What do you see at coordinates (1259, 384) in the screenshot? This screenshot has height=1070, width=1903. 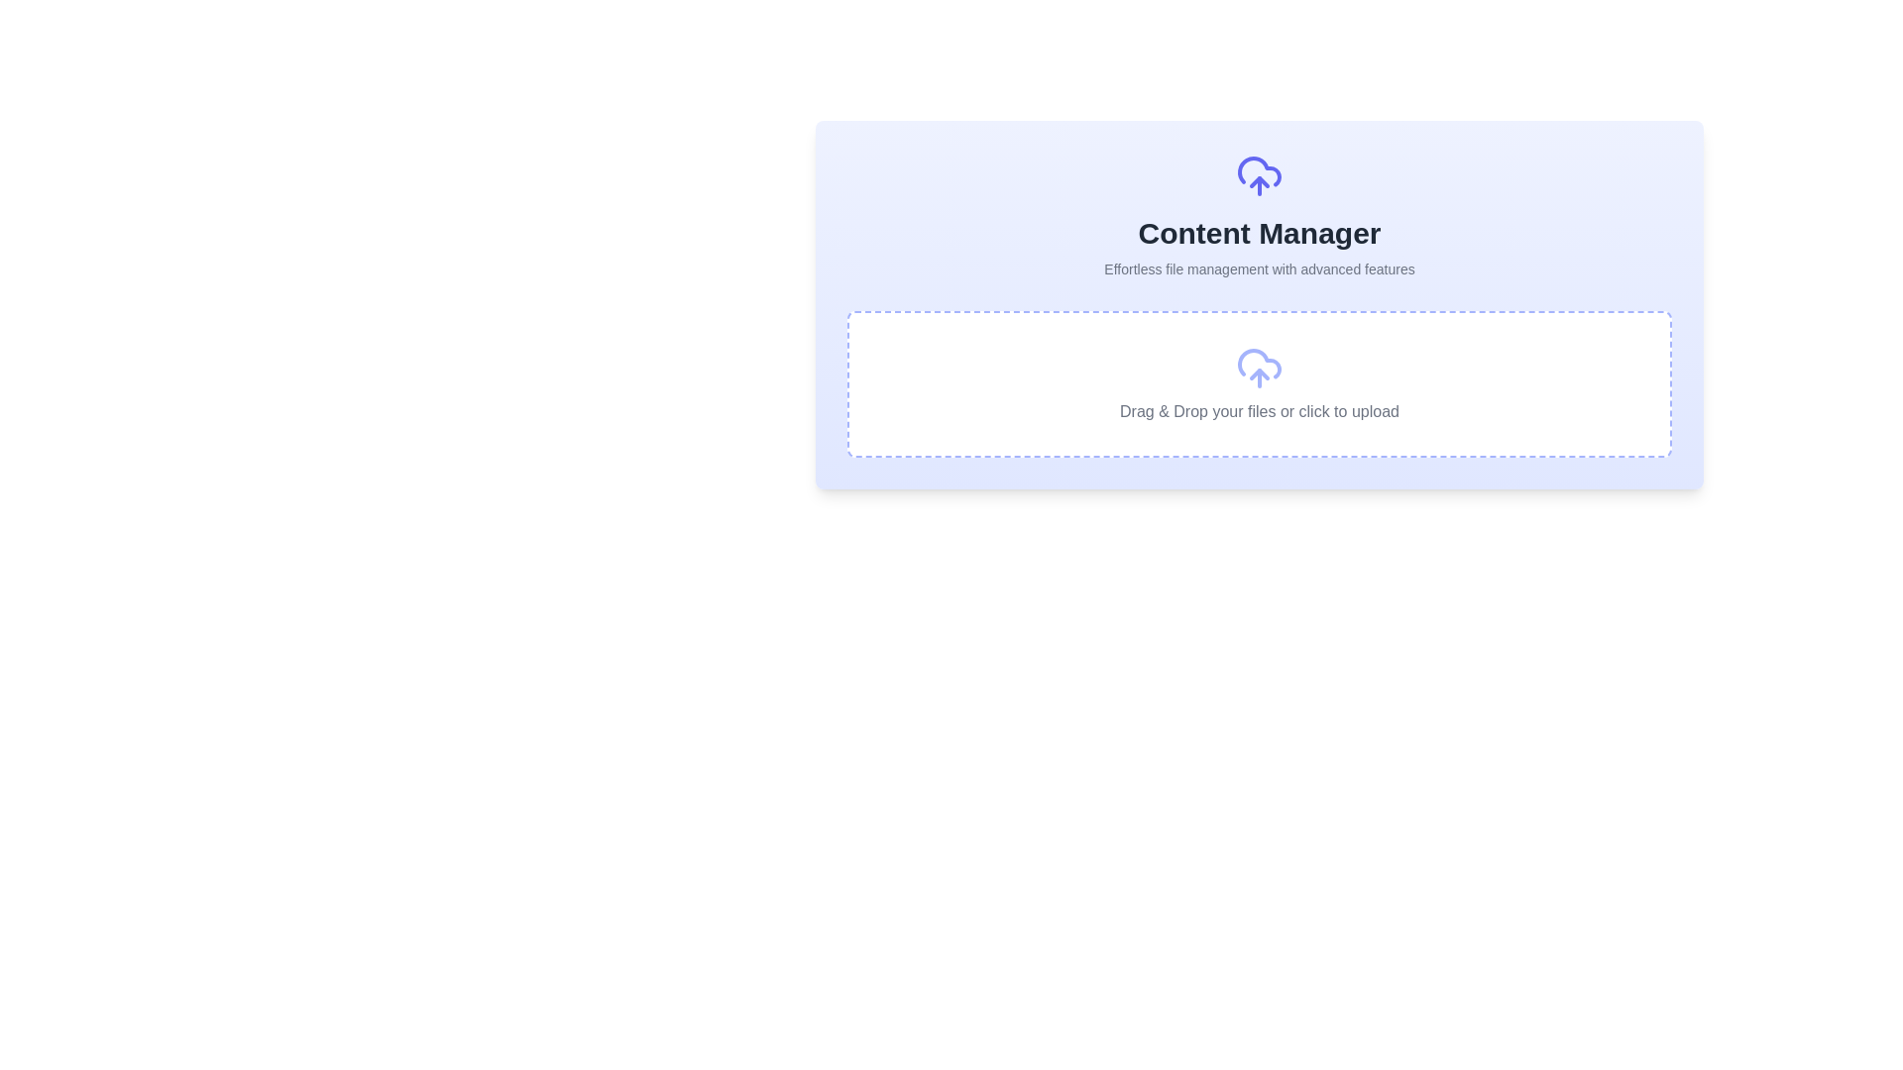 I see `files onto the File upload area, which is characterized by a dashed blue border and white background, featuring a cloud upload icon and the text 'Drag & Drop your files or click` at bounding box center [1259, 384].